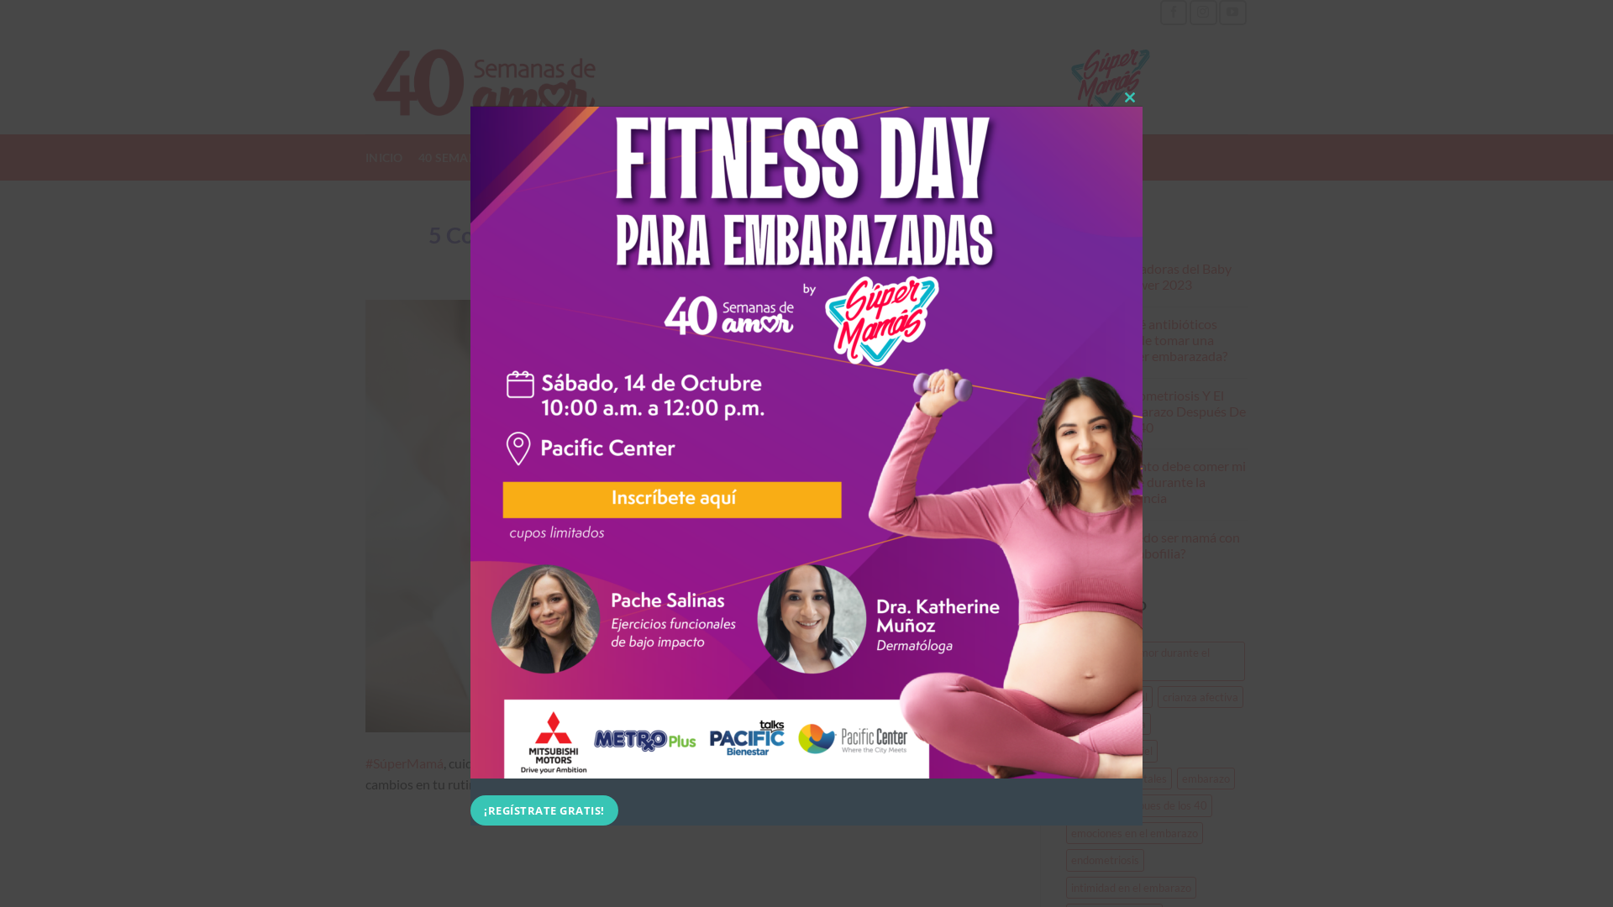 The height and width of the screenshot is (907, 1613). Describe the element at coordinates (1111, 750) in the screenshot. I see `'cuidado de la piel'` at that location.